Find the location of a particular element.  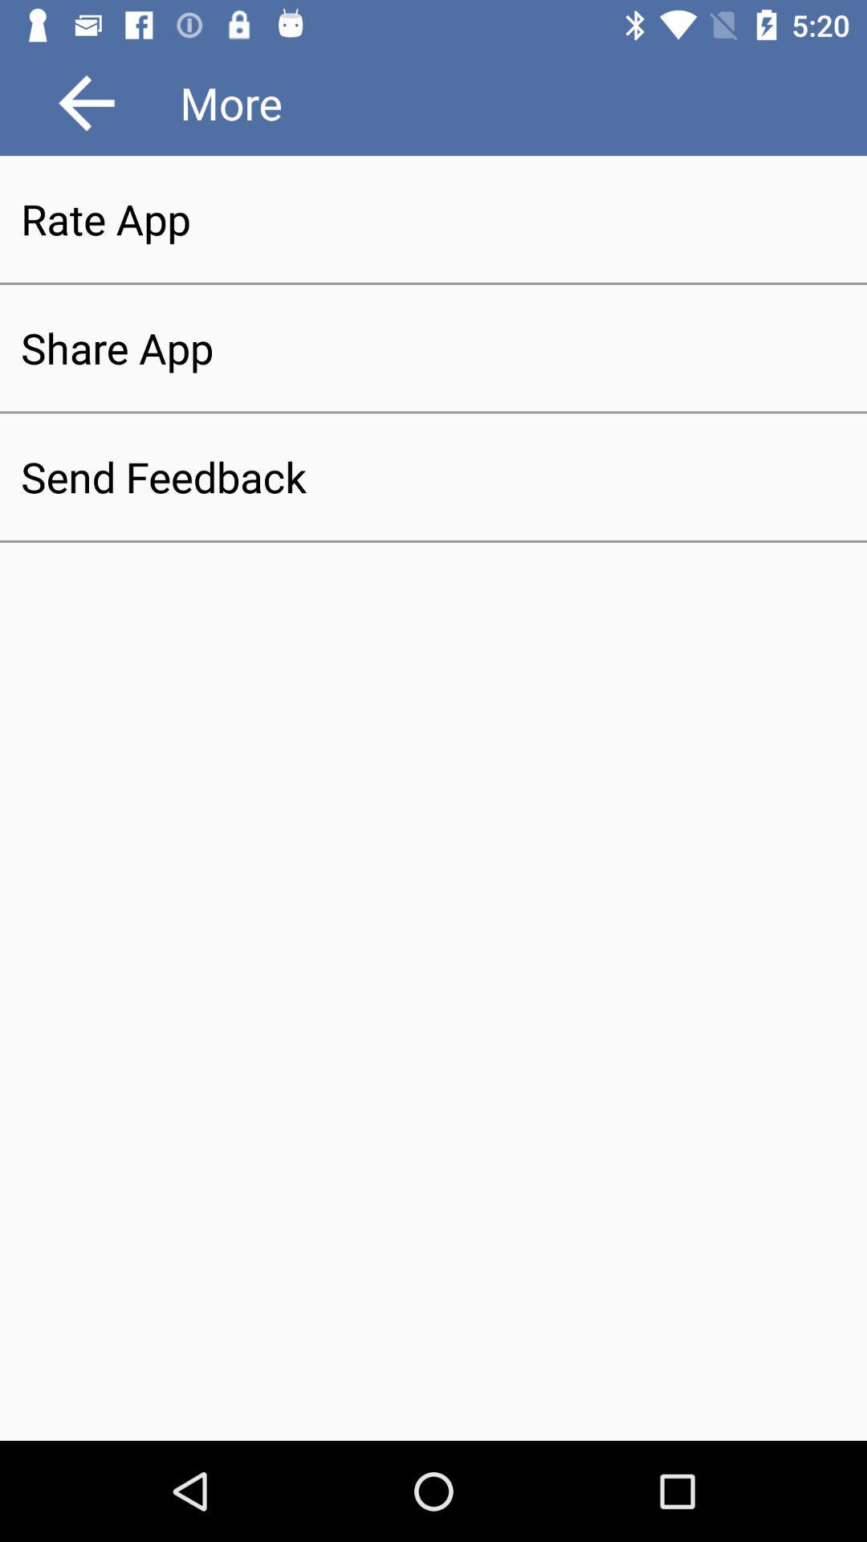

the arrow_backward icon is located at coordinates (87, 102).